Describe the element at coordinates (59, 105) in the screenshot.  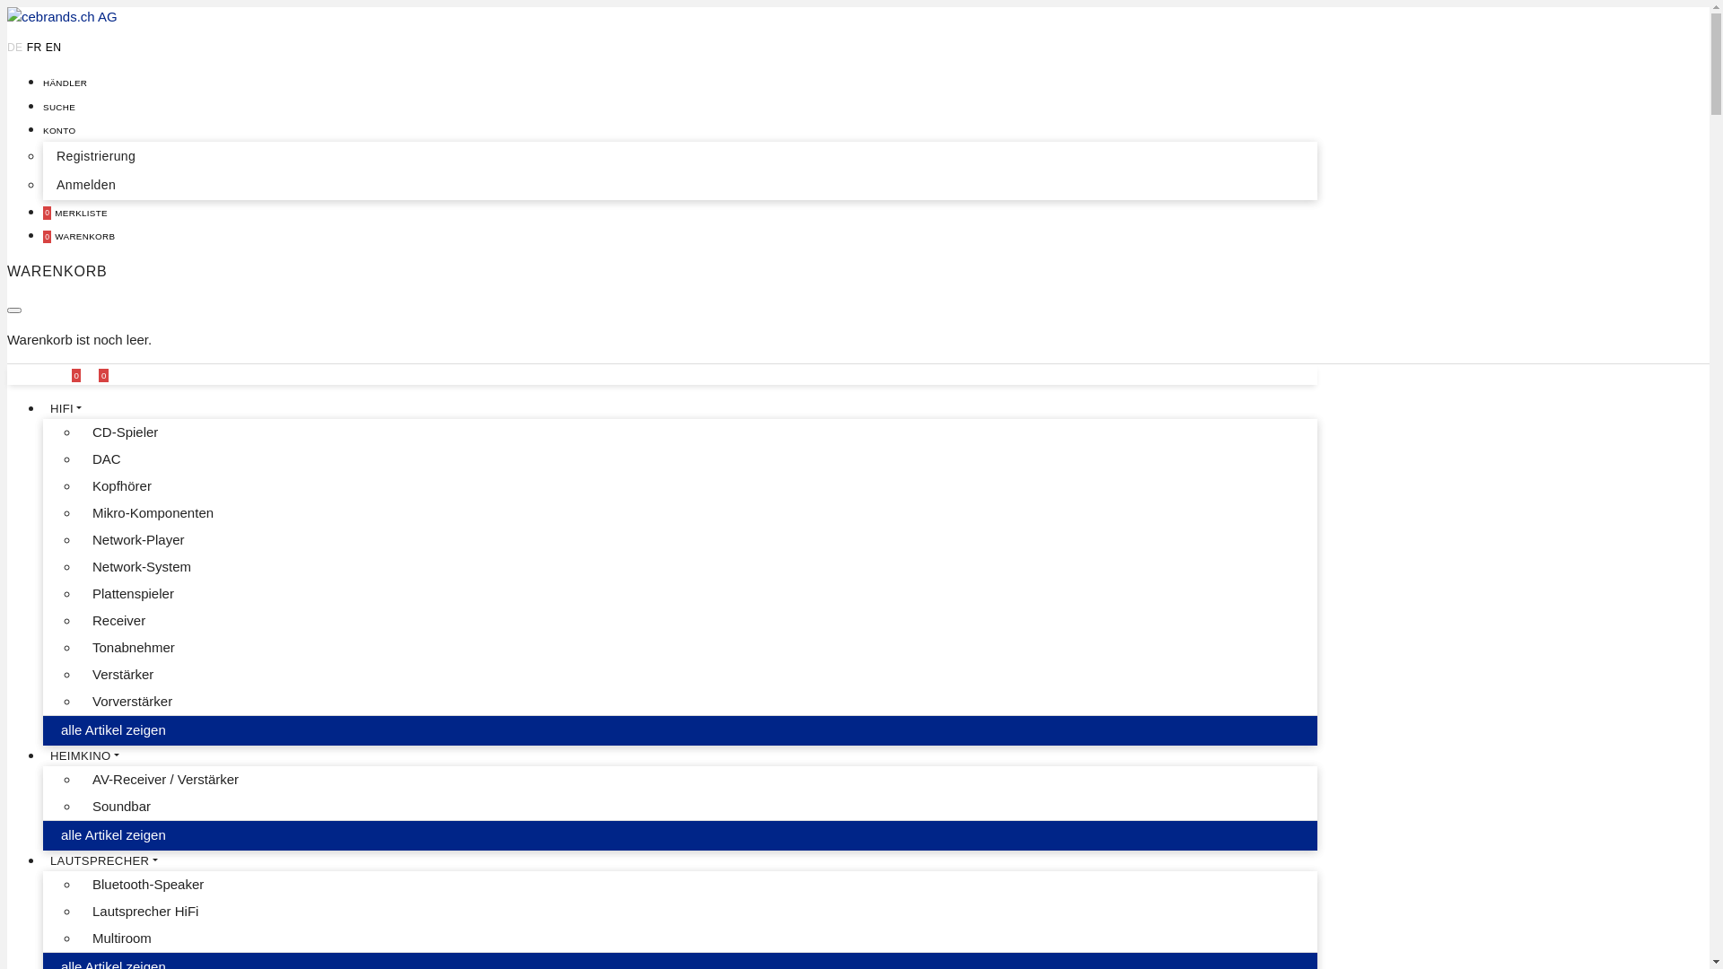
I see `'SUCHE'` at that location.